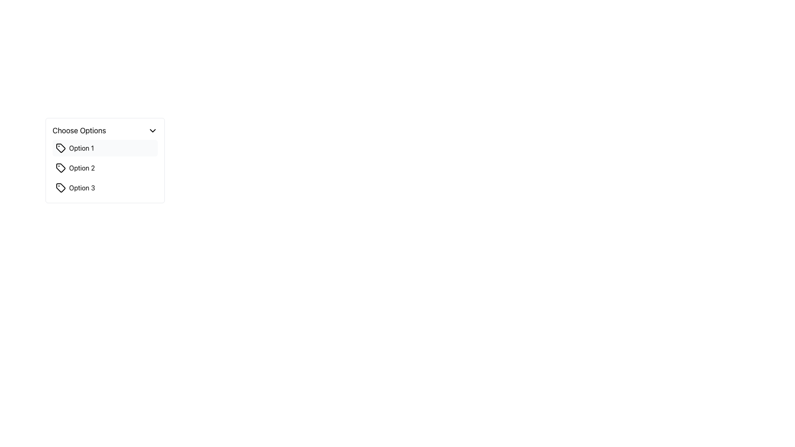 Image resolution: width=795 pixels, height=447 pixels. I want to click on the Dropdown Header which is located at the top section of a dropdown menu, allowing interaction with the options list, so click(105, 130).